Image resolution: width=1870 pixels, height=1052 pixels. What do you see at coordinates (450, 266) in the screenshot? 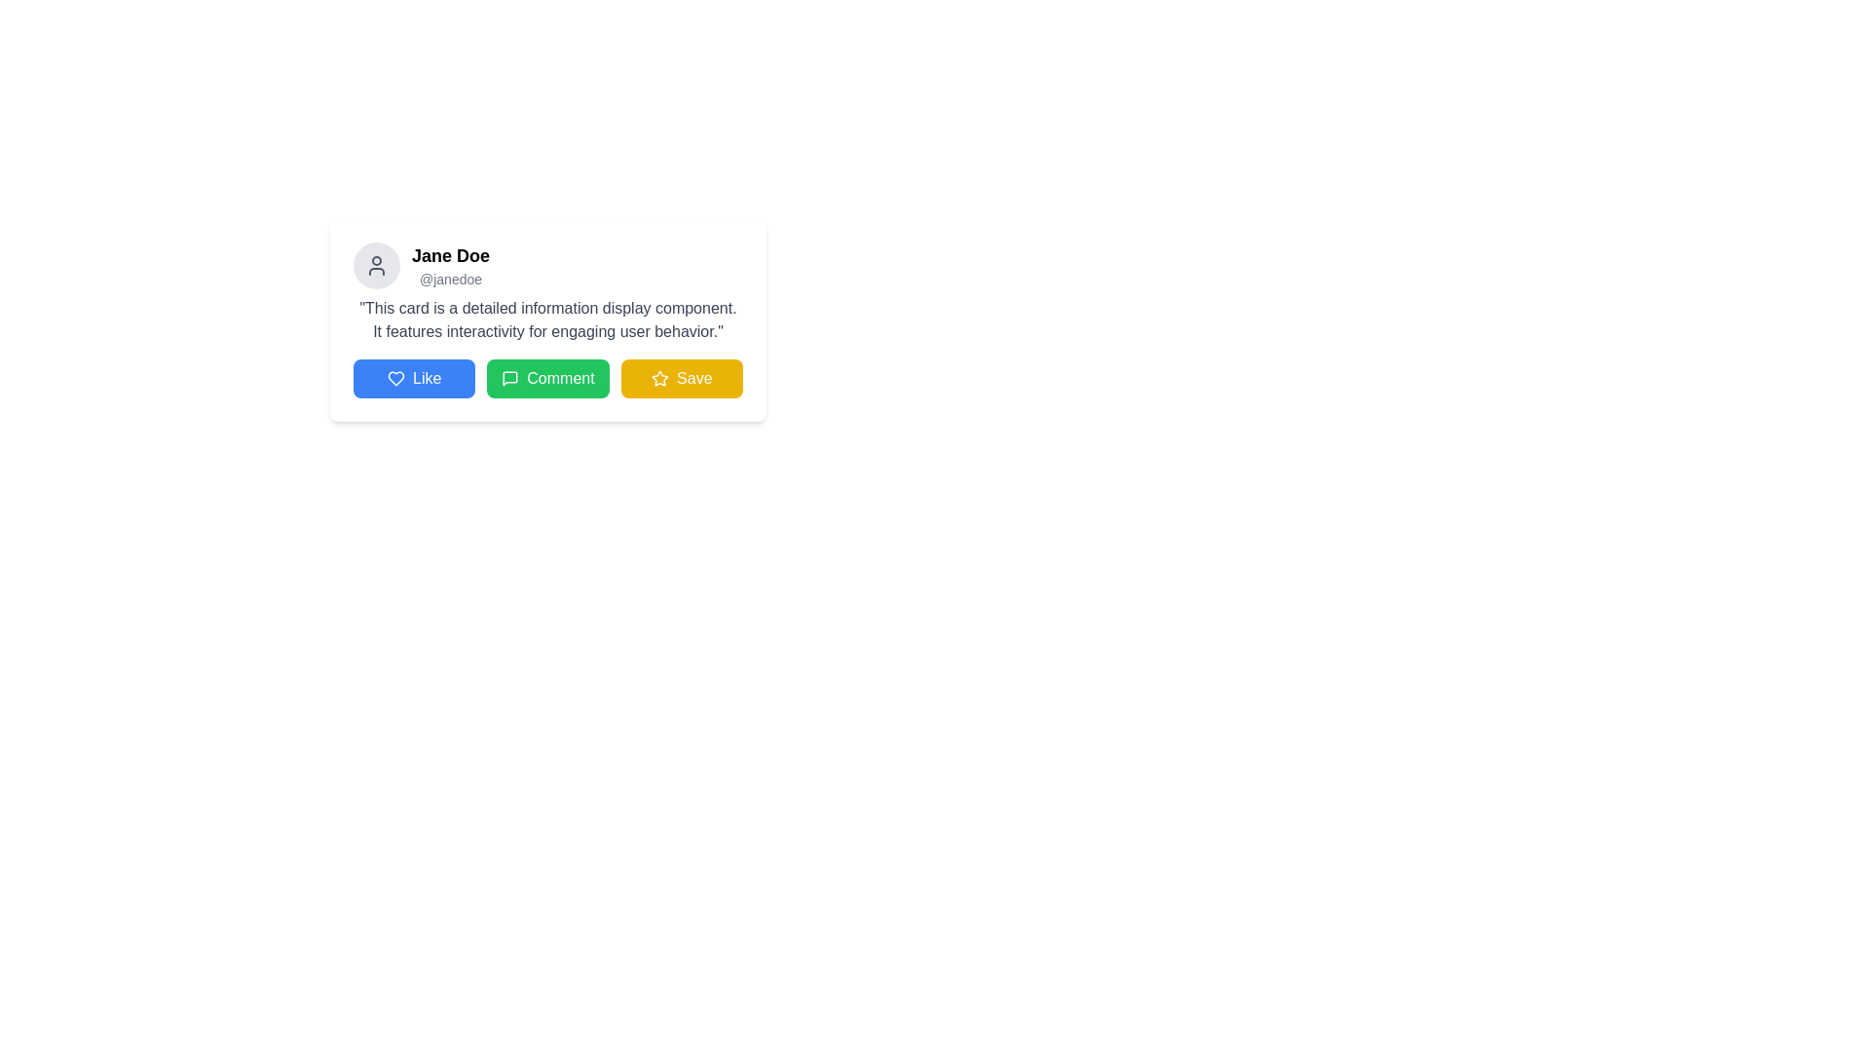
I see `text displayed in the text block containing the name and username of the user, which is positioned above a descriptive text block and to the right of a circular profile icon within the card component` at bounding box center [450, 266].